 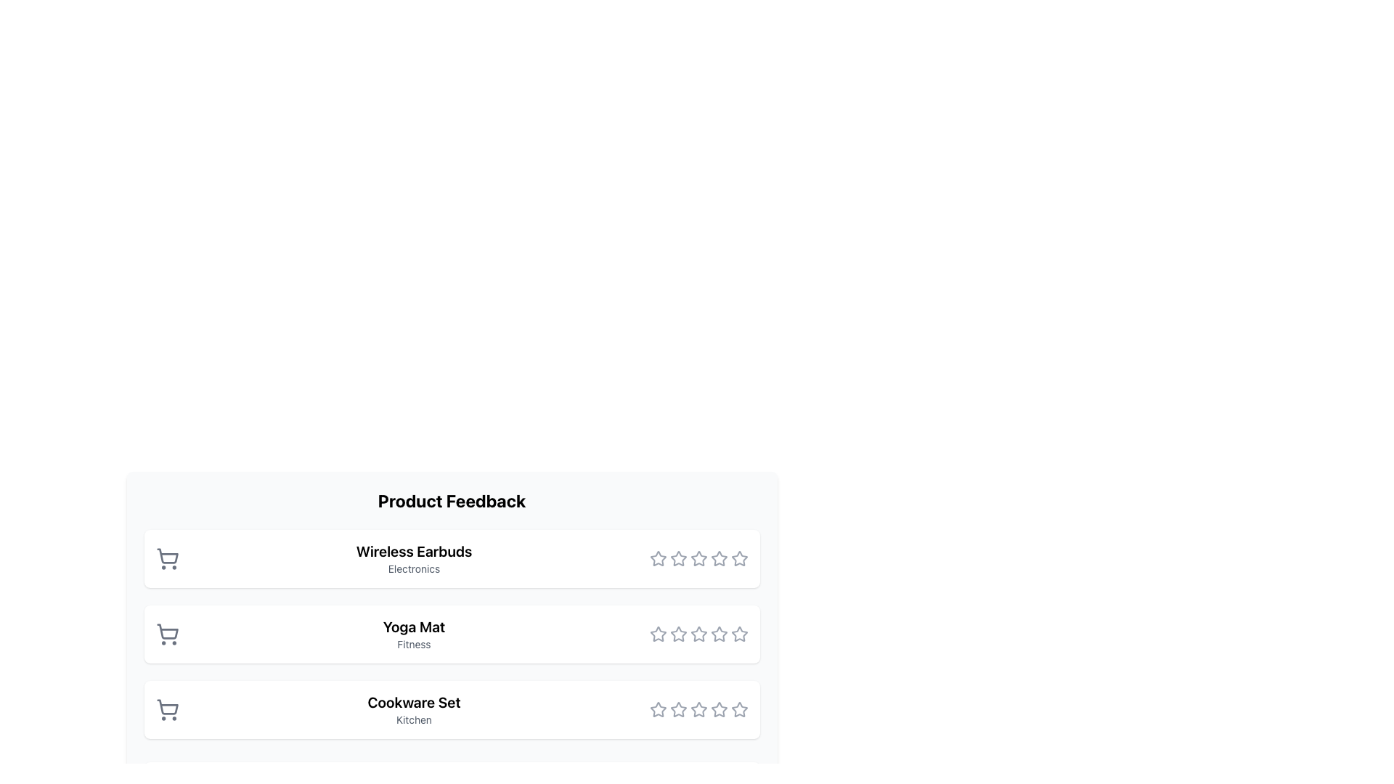 What do you see at coordinates (698, 634) in the screenshot?
I see `the third star in the rating component for the 'Yoga Mat' product` at bounding box center [698, 634].